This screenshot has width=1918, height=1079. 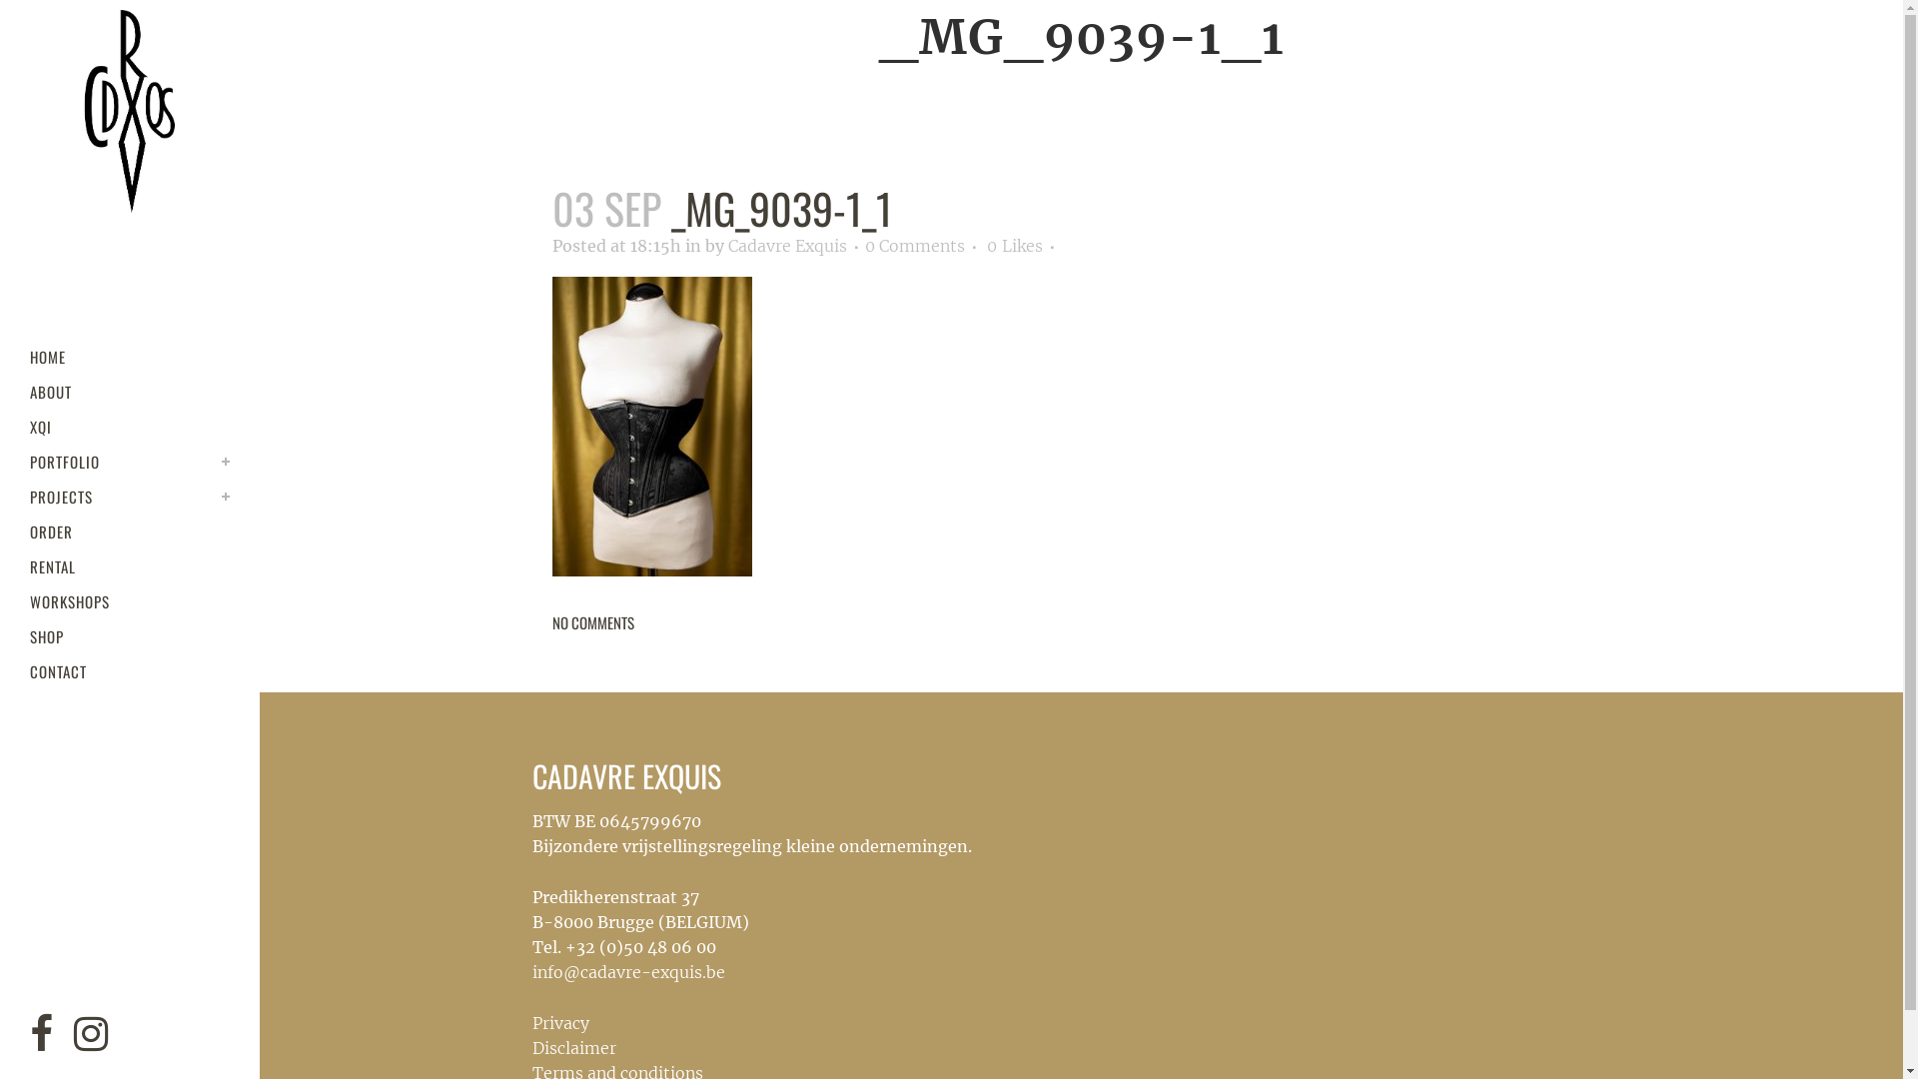 What do you see at coordinates (559, 1022) in the screenshot?
I see `'Privacy'` at bounding box center [559, 1022].